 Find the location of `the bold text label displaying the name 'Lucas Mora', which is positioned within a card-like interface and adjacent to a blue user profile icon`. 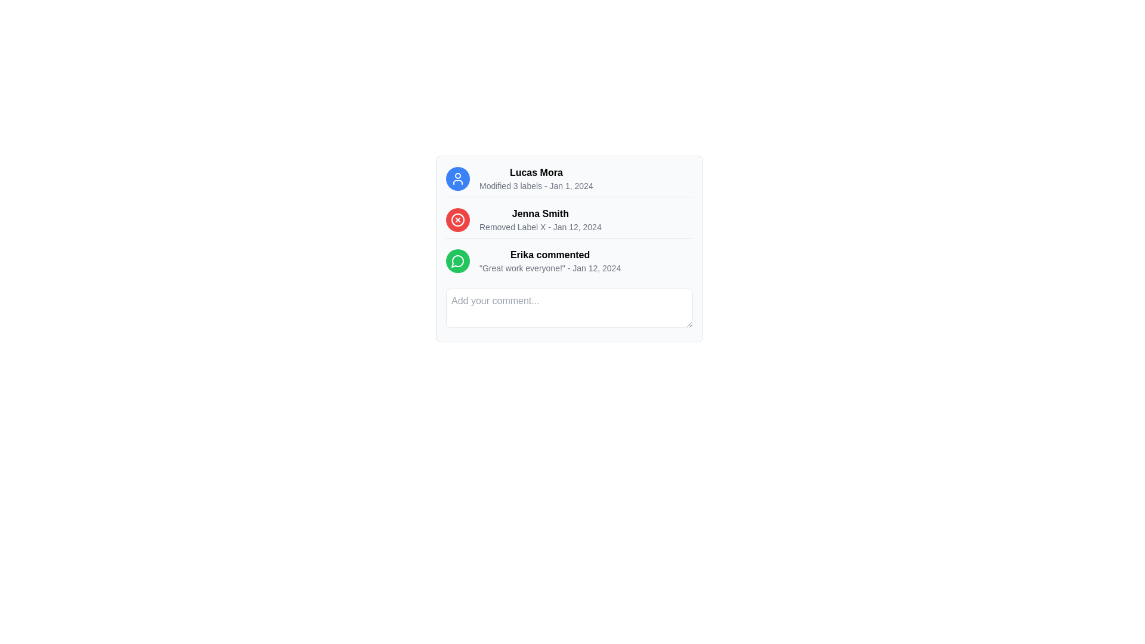

the bold text label displaying the name 'Lucas Mora', which is positioned within a card-like interface and adjacent to a blue user profile icon is located at coordinates (536, 172).